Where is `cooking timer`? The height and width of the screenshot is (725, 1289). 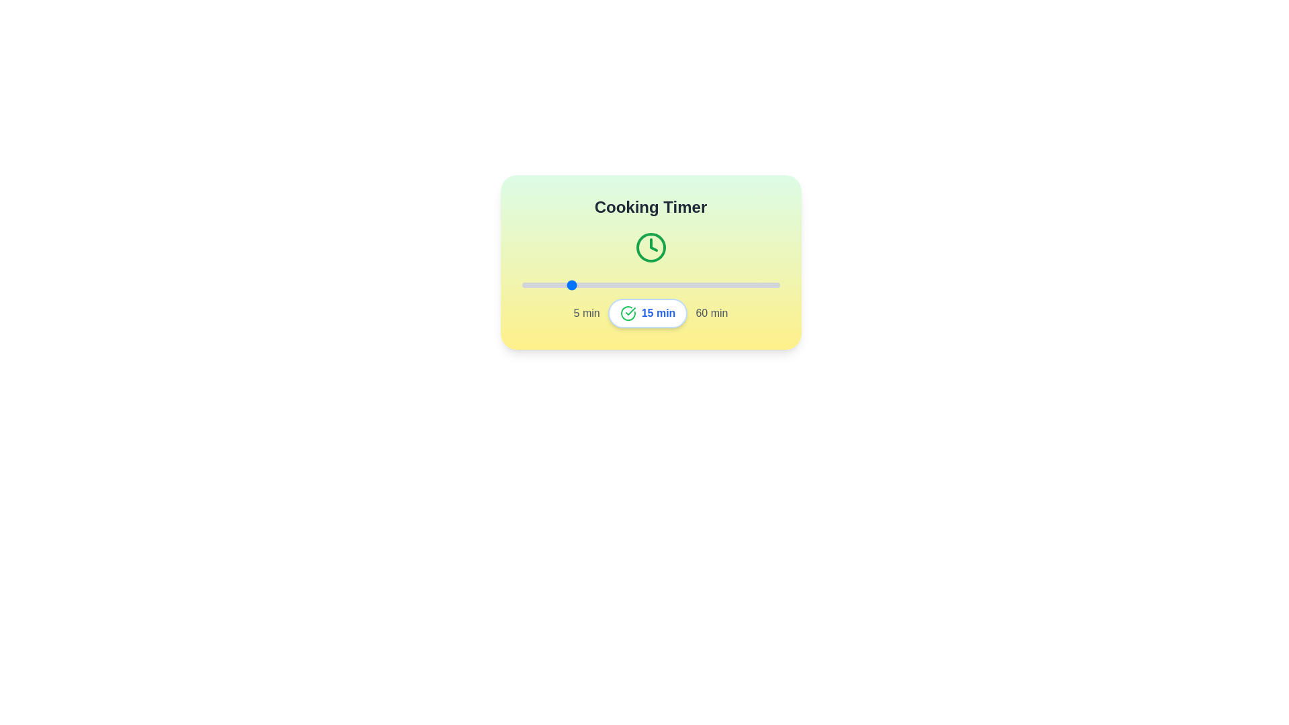 cooking timer is located at coordinates (695, 284).